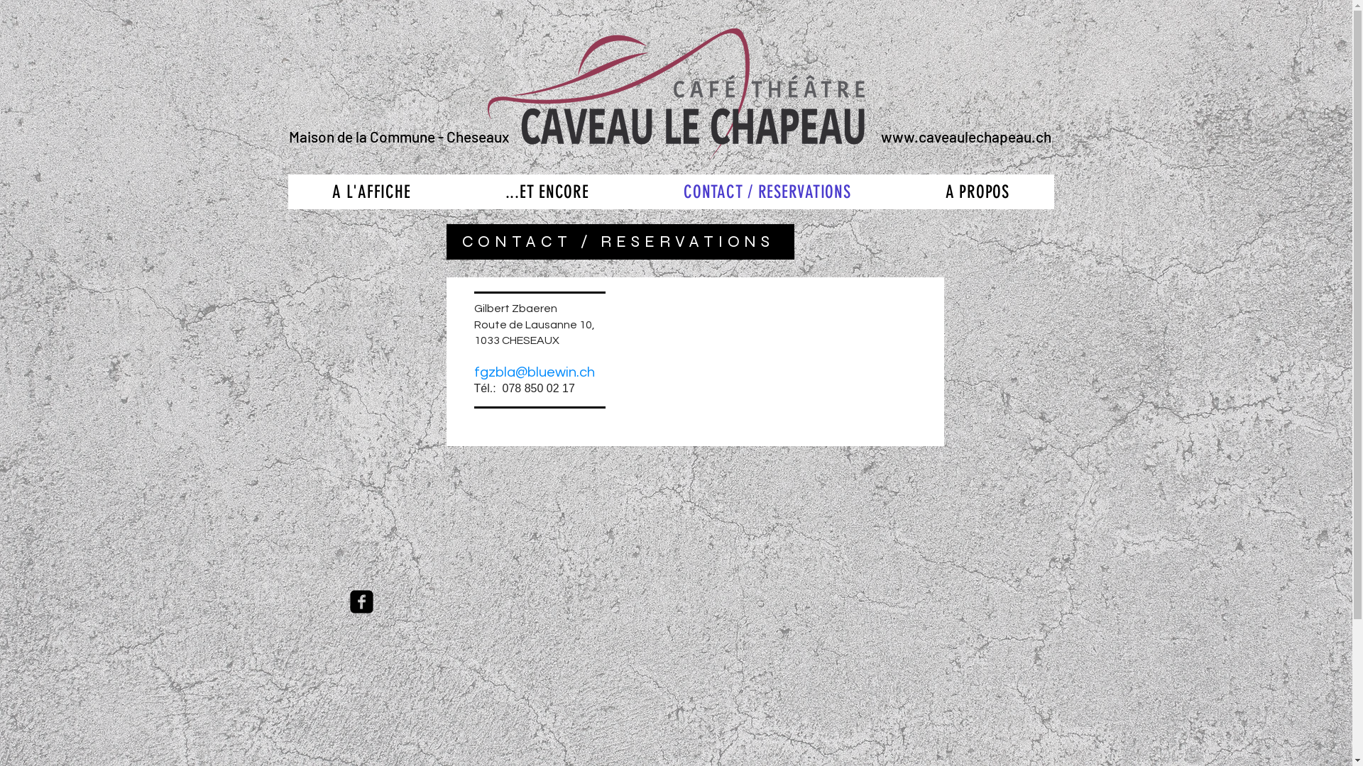 This screenshot has width=1363, height=766. What do you see at coordinates (534, 371) in the screenshot?
I see `'fgzbla@bluewin.ch'` at bounding box center [534, 371].